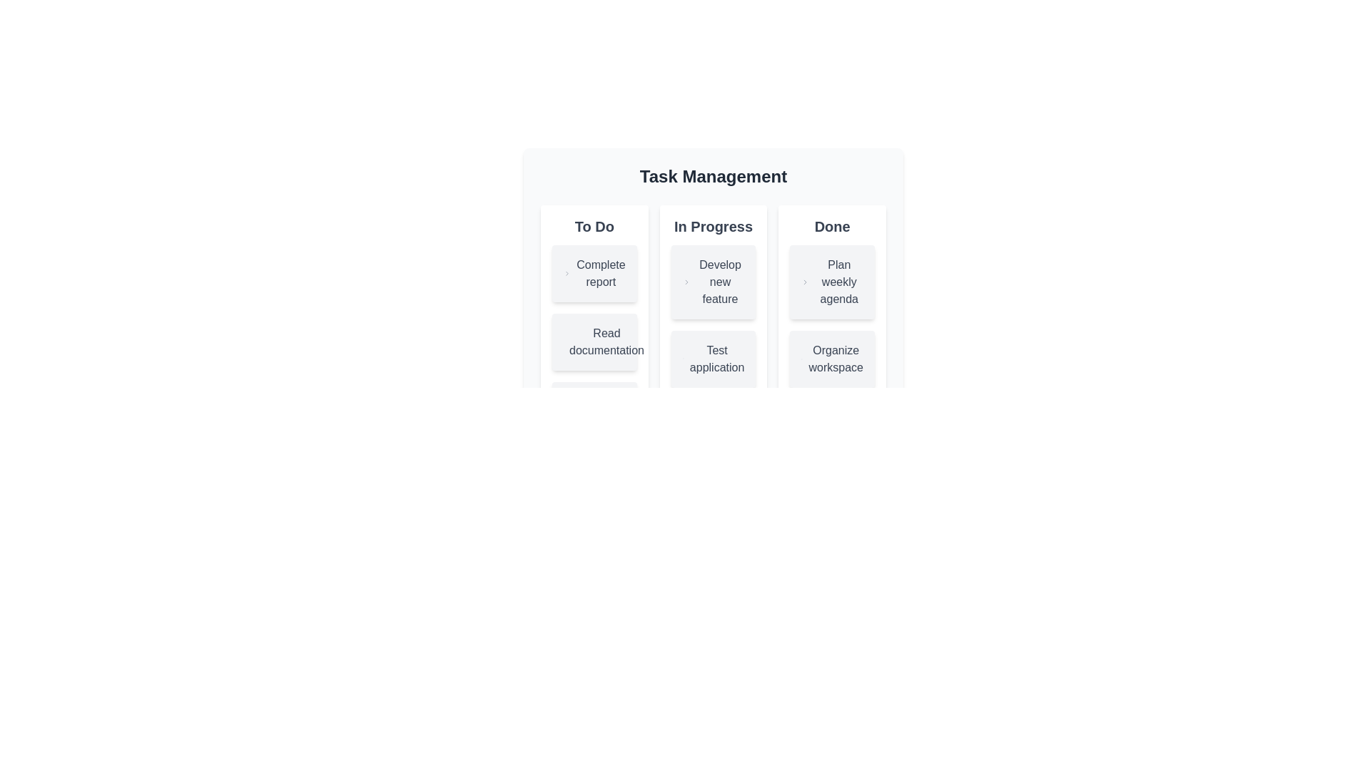 The width and height of the screenshot is (1370, 770). Describe the element at coordinates (713, 359) in the screenshot. I see `the 'Test application' Task card in the 'In Progress' column of the 'Task Management' interface` at that location.